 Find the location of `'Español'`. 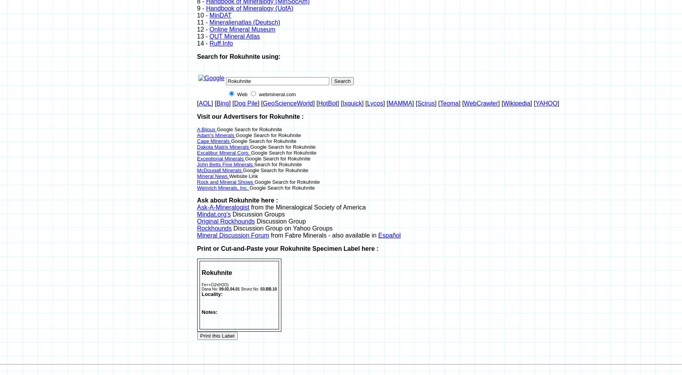

'Español' is located at coordinates (389, 235).